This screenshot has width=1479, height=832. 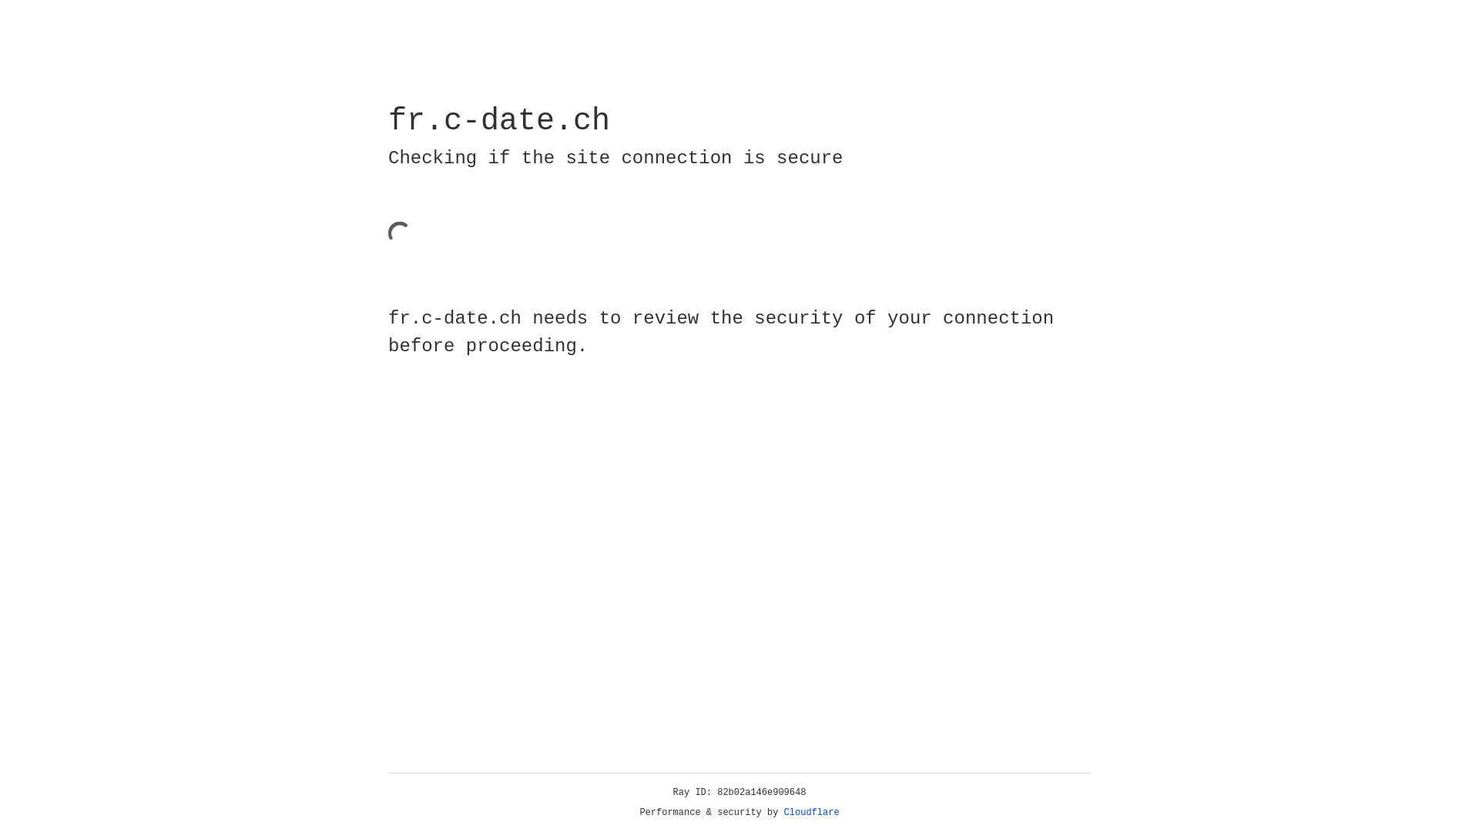 What do you see at coordinates (783, 812) in the screenshot?
I see `'Cloudflare'` at bounding box center [783, 812].